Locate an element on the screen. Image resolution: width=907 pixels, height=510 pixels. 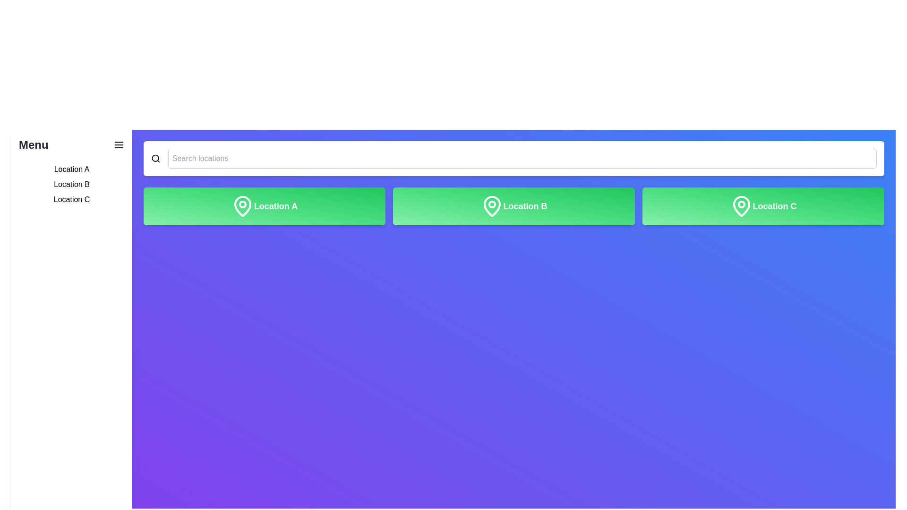
the search icon located in the top-right corner of the UI to initiate a search is located at coordinates (156, 158).